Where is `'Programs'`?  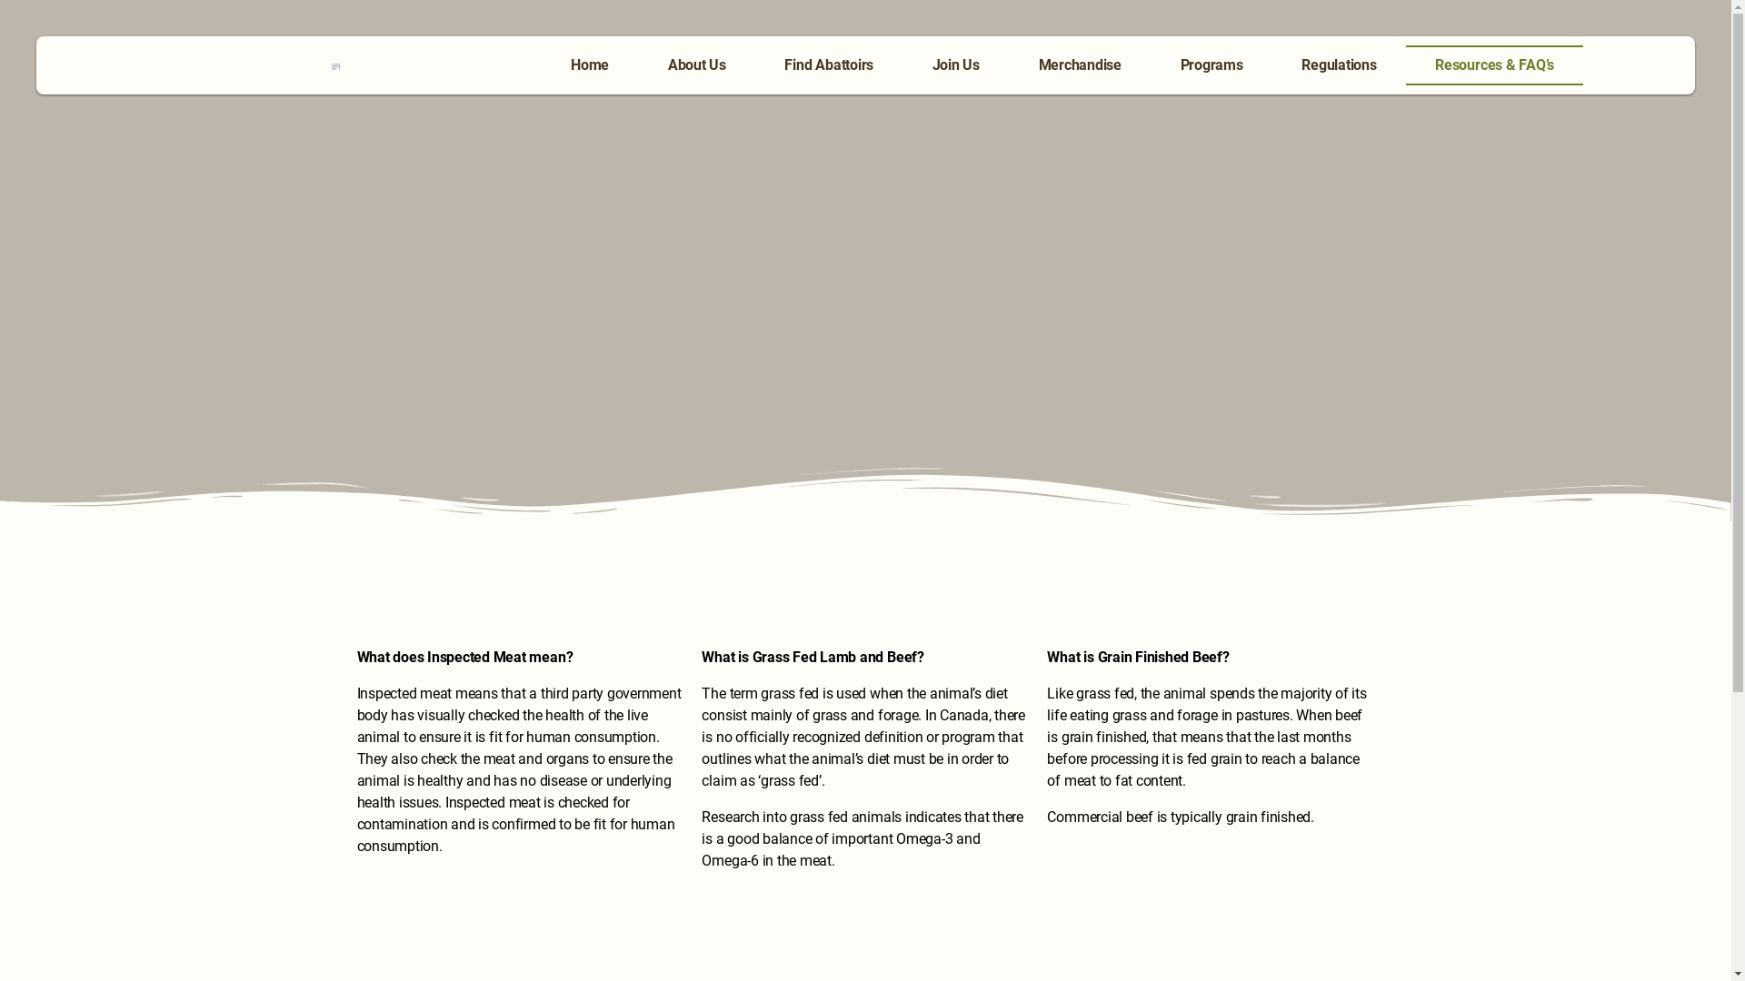
'Programs' is located at coordinates (1212, 64).